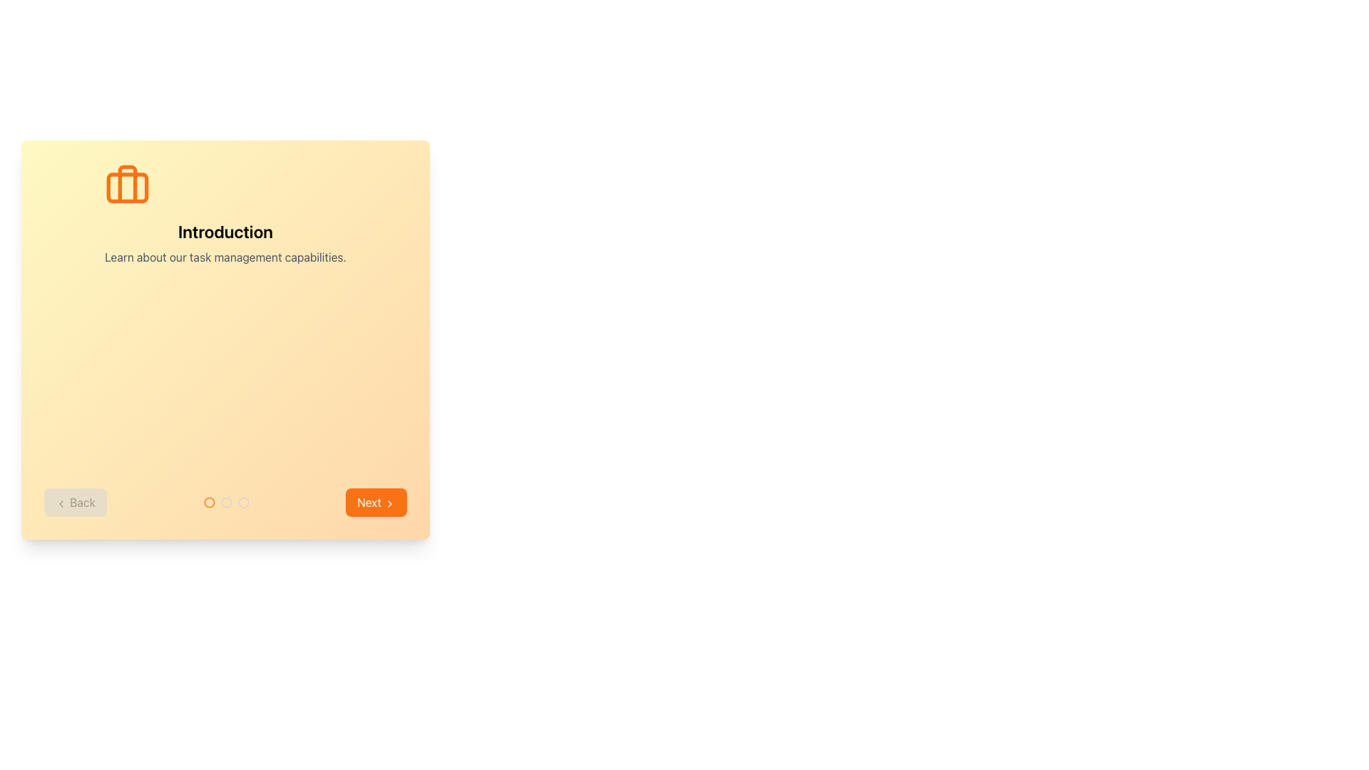  Describe the element at coordinates (243, 502) in the screenshot. I see `the third circular step indicator located in the lower section of the interface, which visually denotes the current step in the process` at that location.